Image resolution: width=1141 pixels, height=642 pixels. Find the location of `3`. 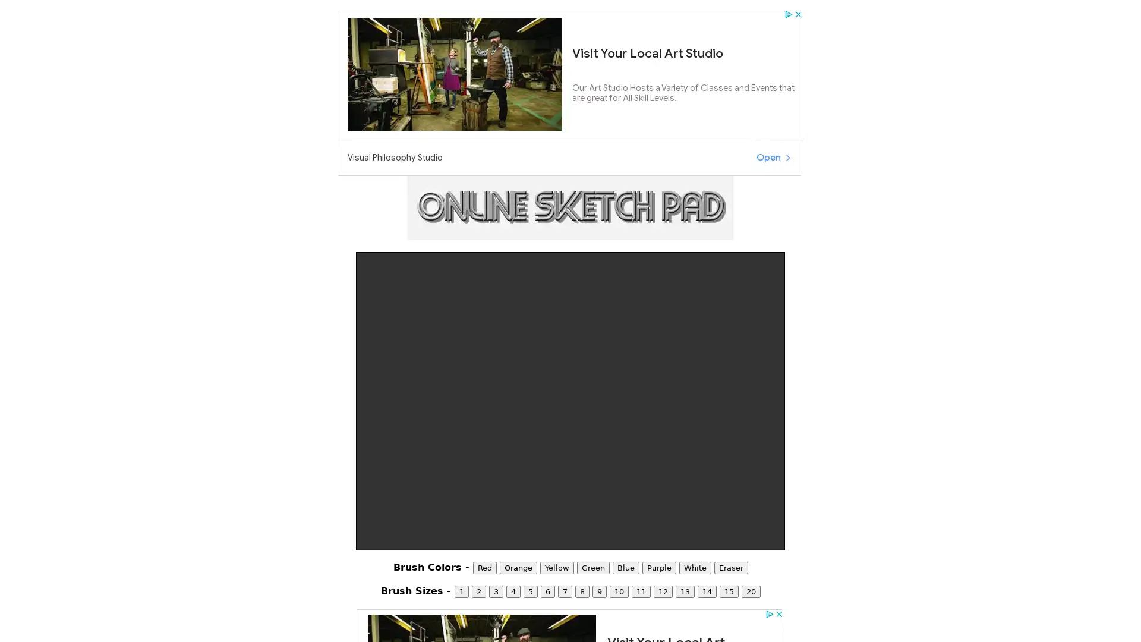

3 is located at coordinates (496, 591).